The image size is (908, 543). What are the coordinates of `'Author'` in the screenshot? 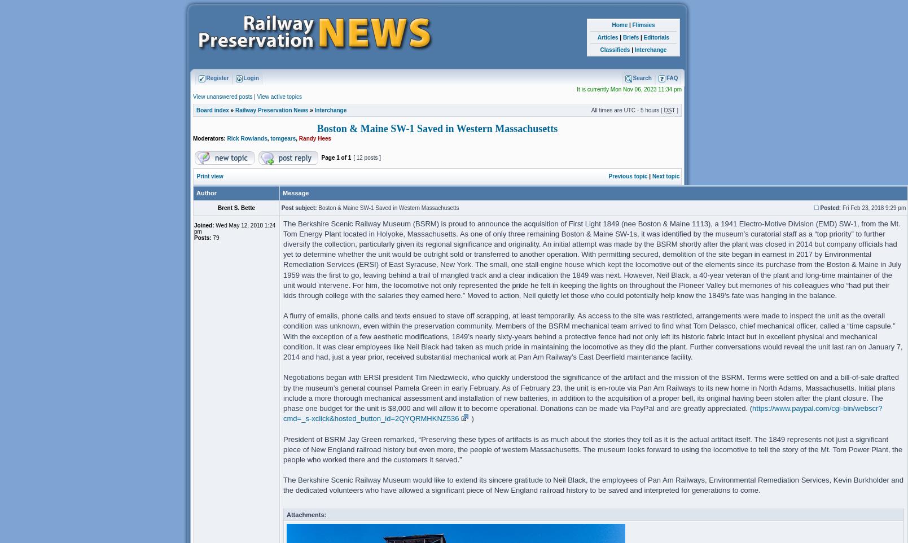 It's located at (207, 192).